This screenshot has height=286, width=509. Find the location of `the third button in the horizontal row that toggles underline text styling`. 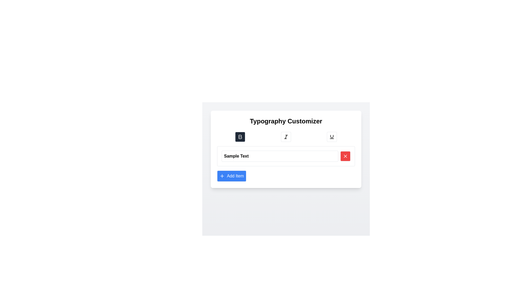

the third button in the horizontal row that toggles underline text styling is located at coordinates (332, 136).